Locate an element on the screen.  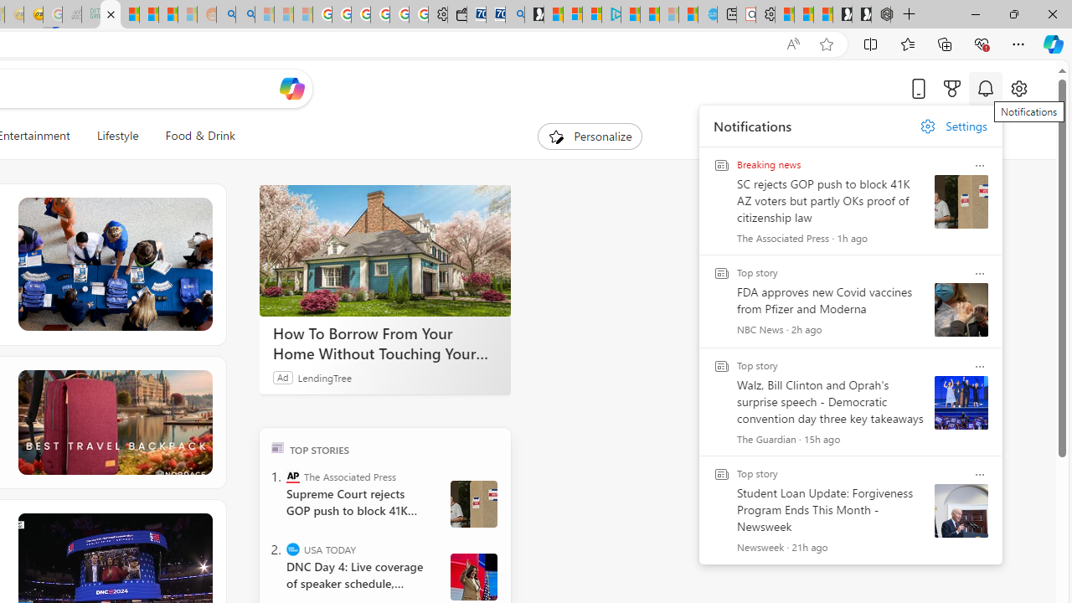
'The Associated Press' is located at coordinates (293, 476).